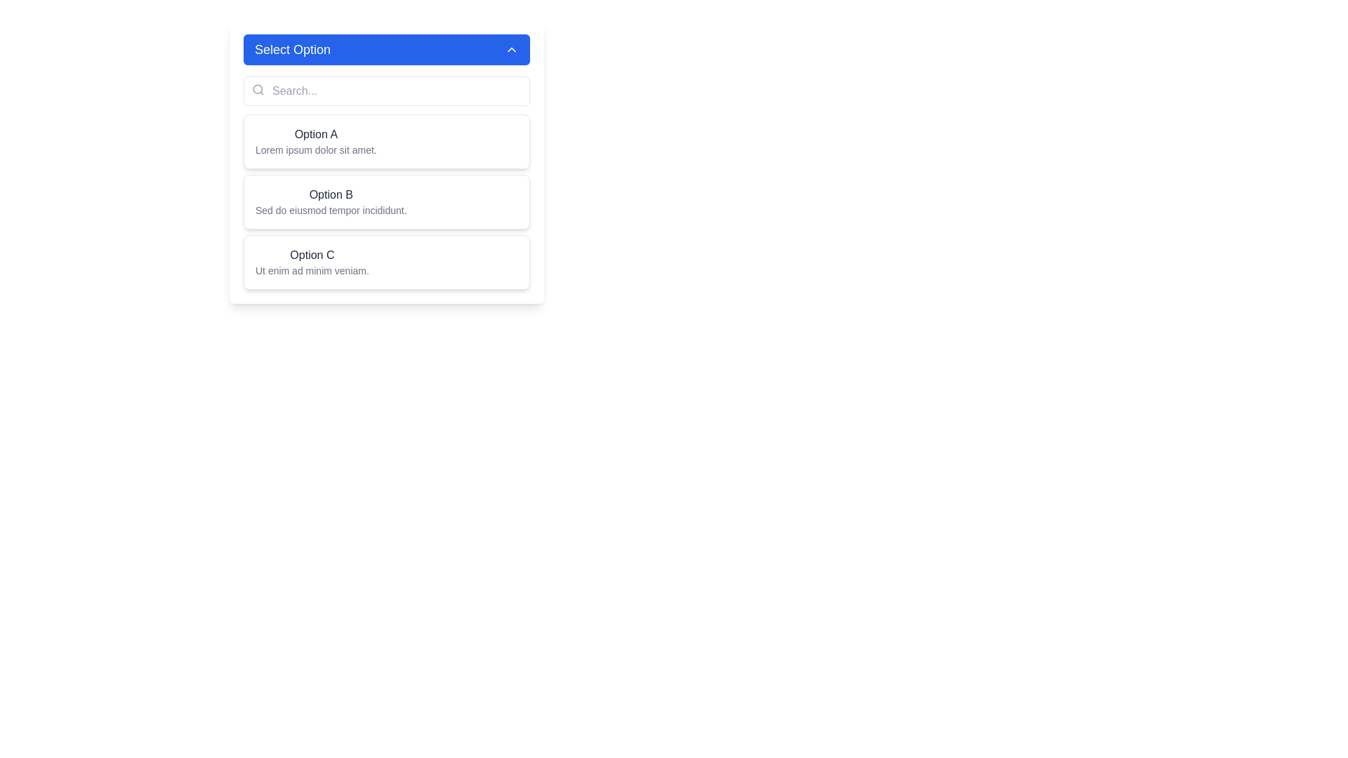  I want to click on the collapsible/expandable icon located in the upper-right corner of the 'Select Option' header, so click(511, 48).